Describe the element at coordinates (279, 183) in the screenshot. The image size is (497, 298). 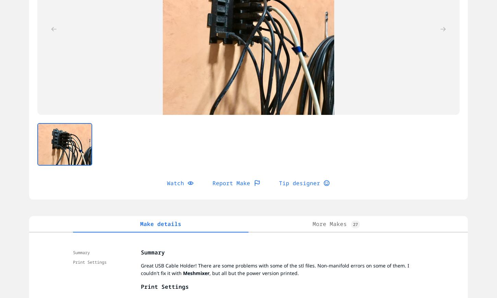
I see `'Tip designer'` at that location.